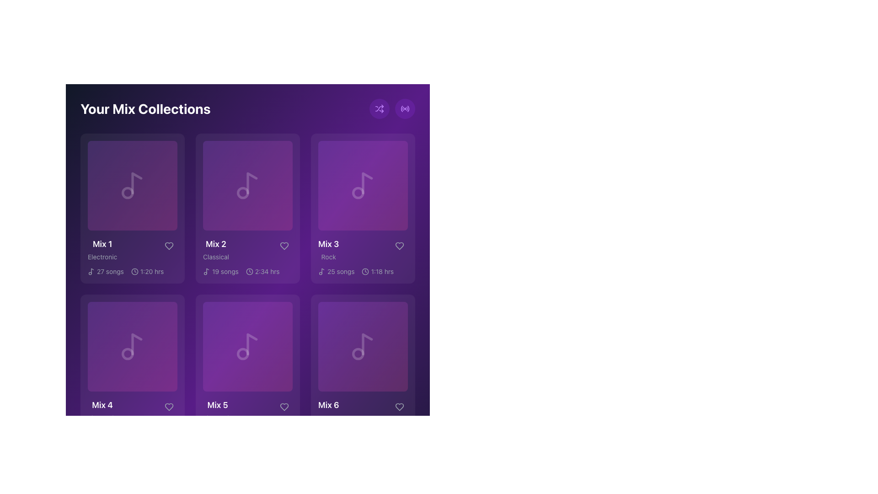 Image resolution: width=878 pixels, height=494 pixels. What do you see at coordinates (217, 418) in the screenshot?
I see `the text label that describes the 'Mix 5' collection, located beneath the header 'Mix 5' in the second row, fifth column of the grid layout` at bounding box center [217, 418].